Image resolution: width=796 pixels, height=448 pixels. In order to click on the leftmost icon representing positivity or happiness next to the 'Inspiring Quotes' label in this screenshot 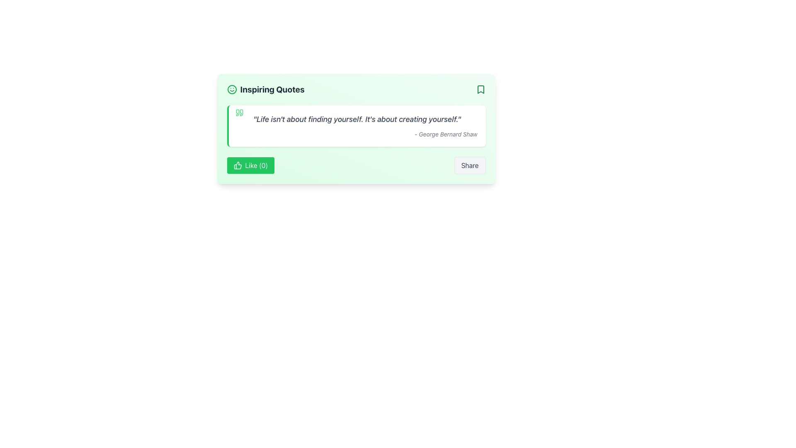, I will do `click(232, 90)`.